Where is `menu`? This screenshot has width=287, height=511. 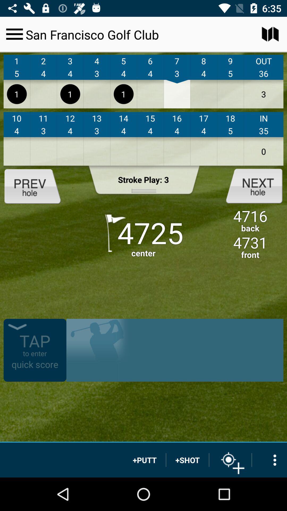
menu is located at coordinates (14, 34).